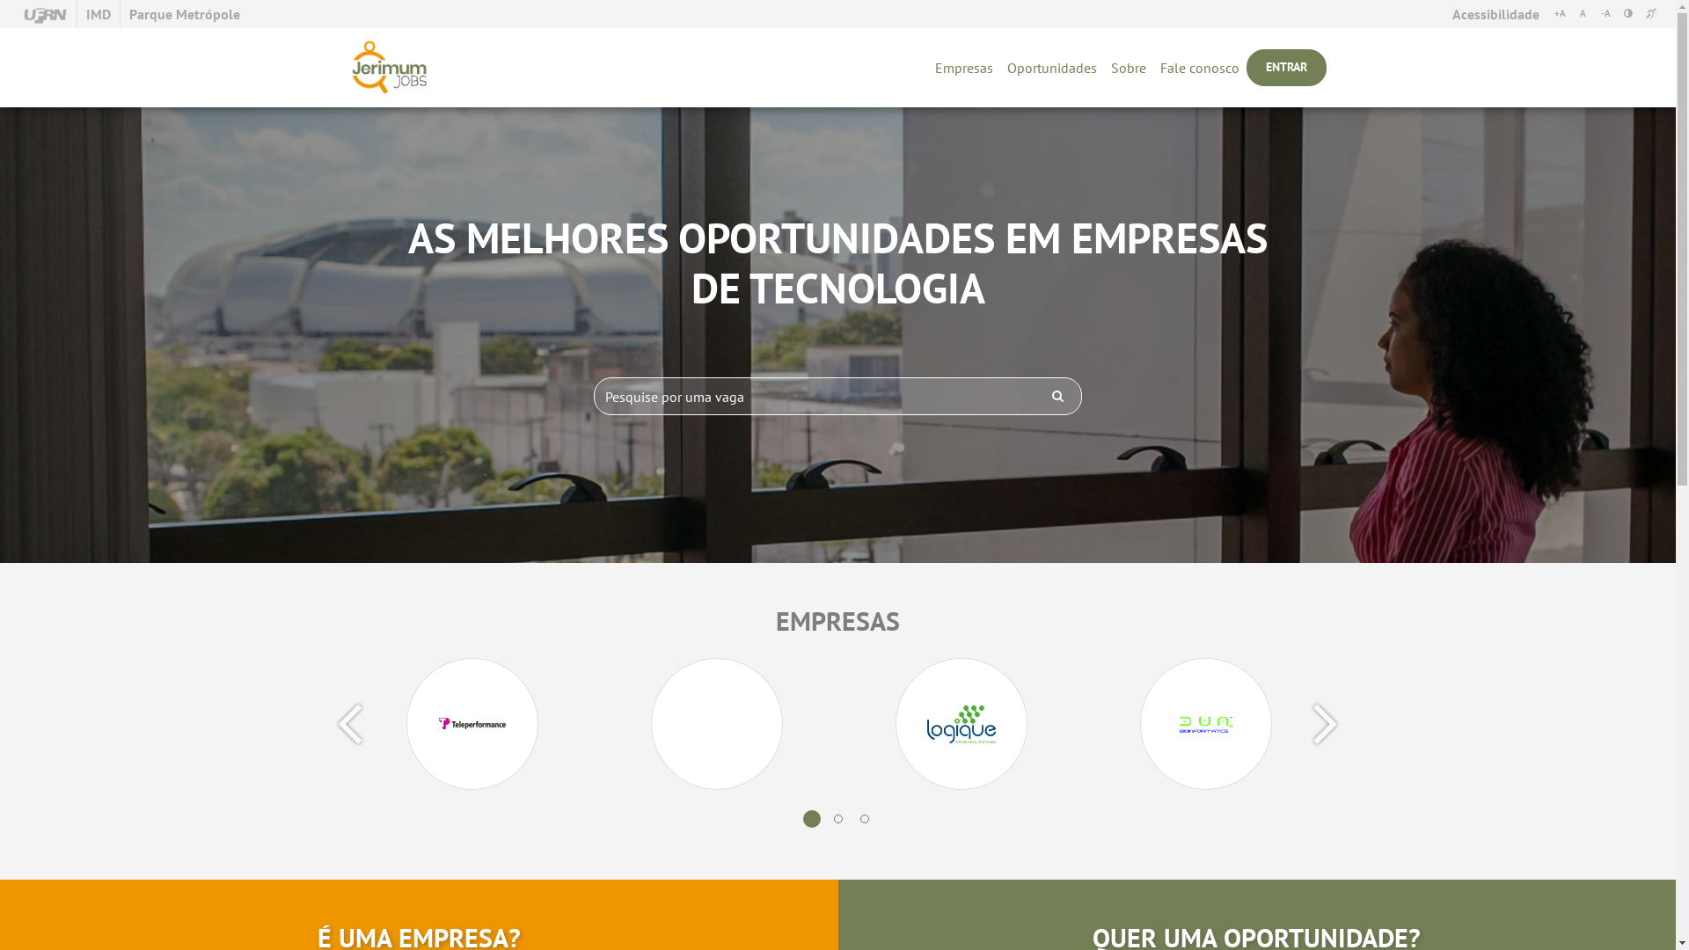 The width and height of the screenshot is (1689, 950). Describe the element at coordinates (1245, 67) in the screenshot. I see `'ENTRAR'` at that location.